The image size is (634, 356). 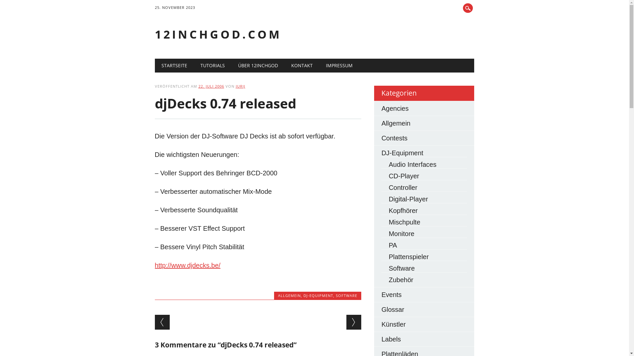 What do you see at coordinates (394, 138) in the screenshot?
I see `'Contests'` at bounding box center [394, 138].